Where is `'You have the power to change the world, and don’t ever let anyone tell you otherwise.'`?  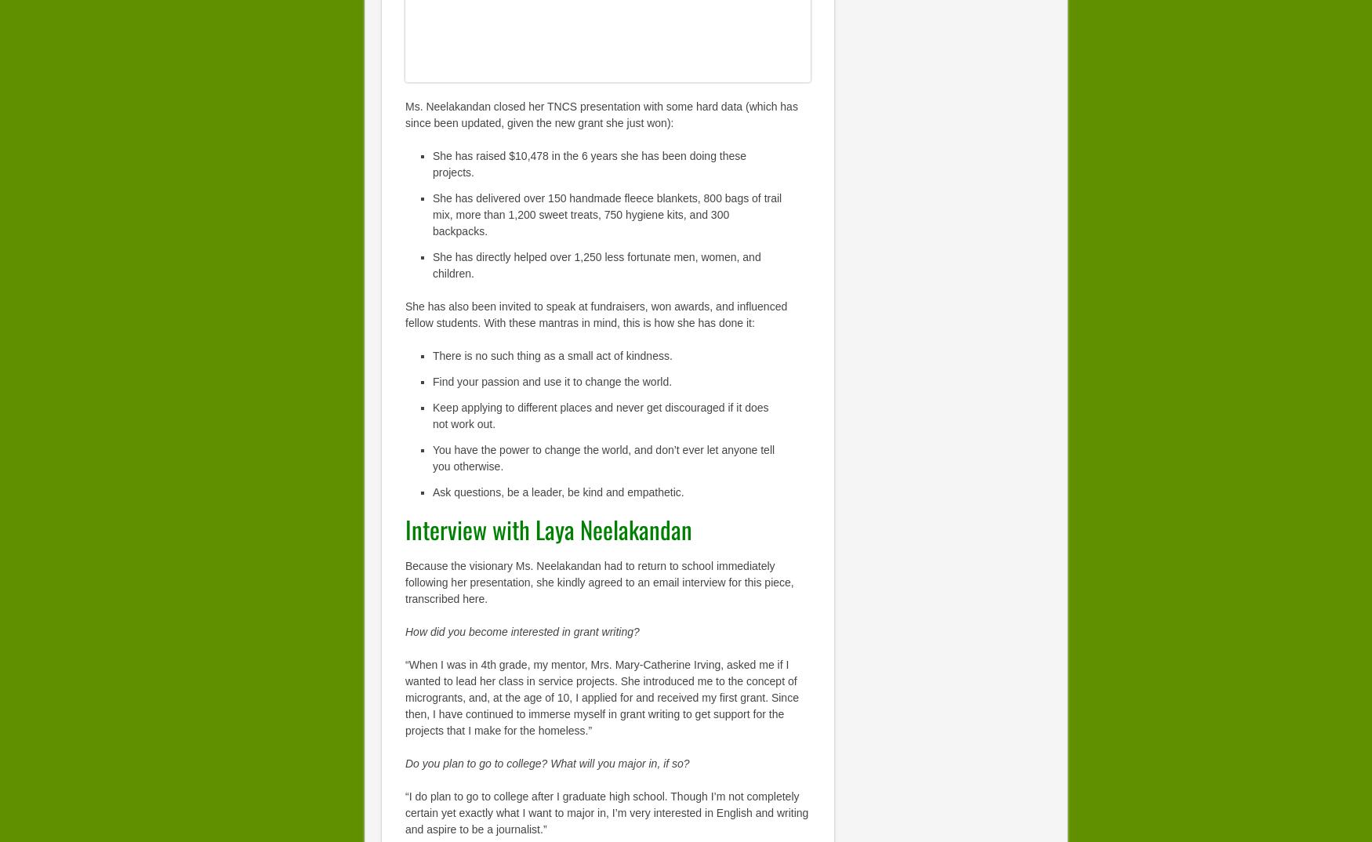 'You have the power to change the world, and don’t ever let anyone tell you otherwise.' is located at coordinates (603, 456).